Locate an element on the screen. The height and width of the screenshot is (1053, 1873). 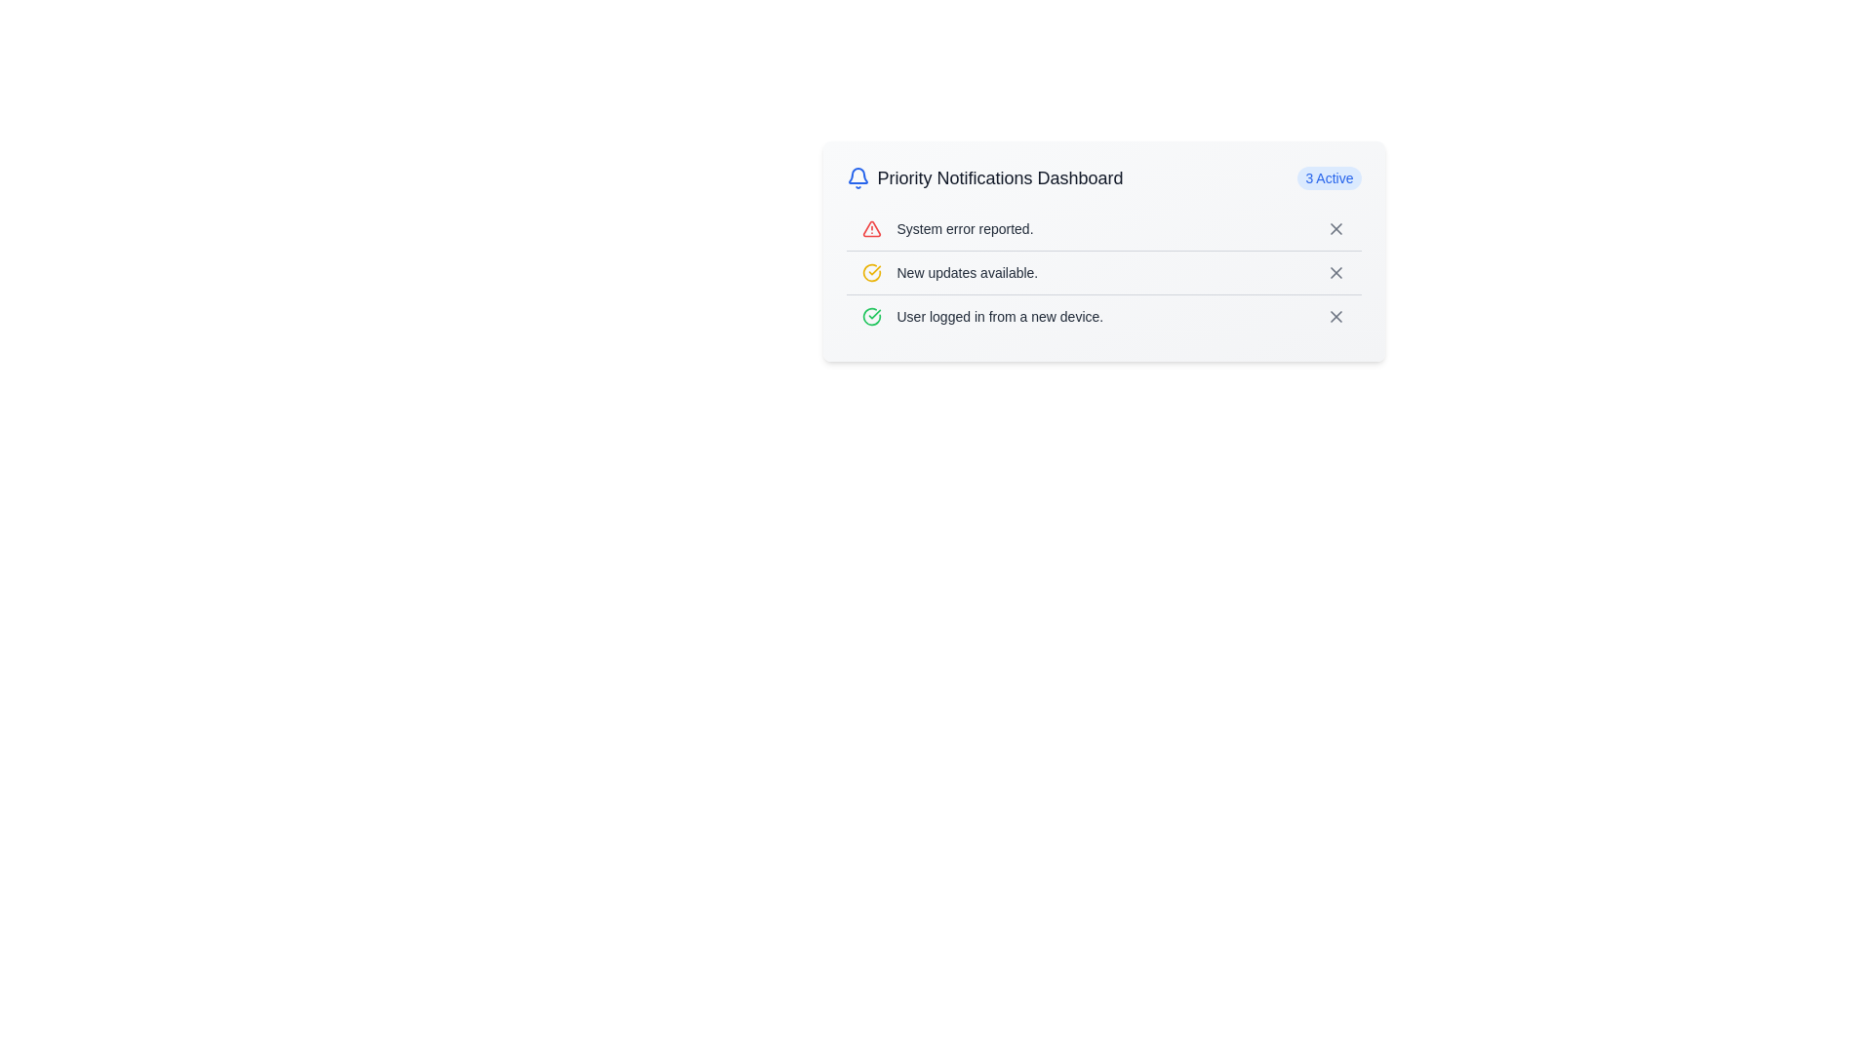
the notification panel item displaying 'New updates available.' is located at coordinates (1103, 272).